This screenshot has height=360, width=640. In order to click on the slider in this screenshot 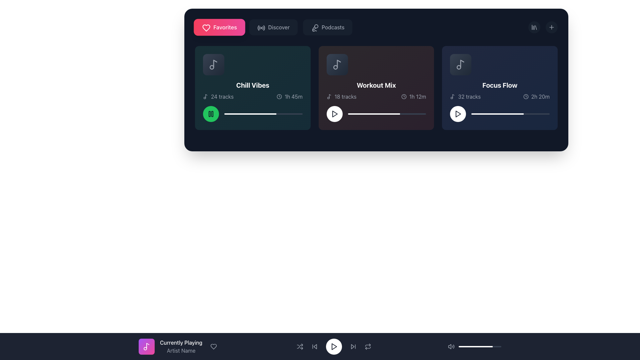, I will do `click(402, 114)`.